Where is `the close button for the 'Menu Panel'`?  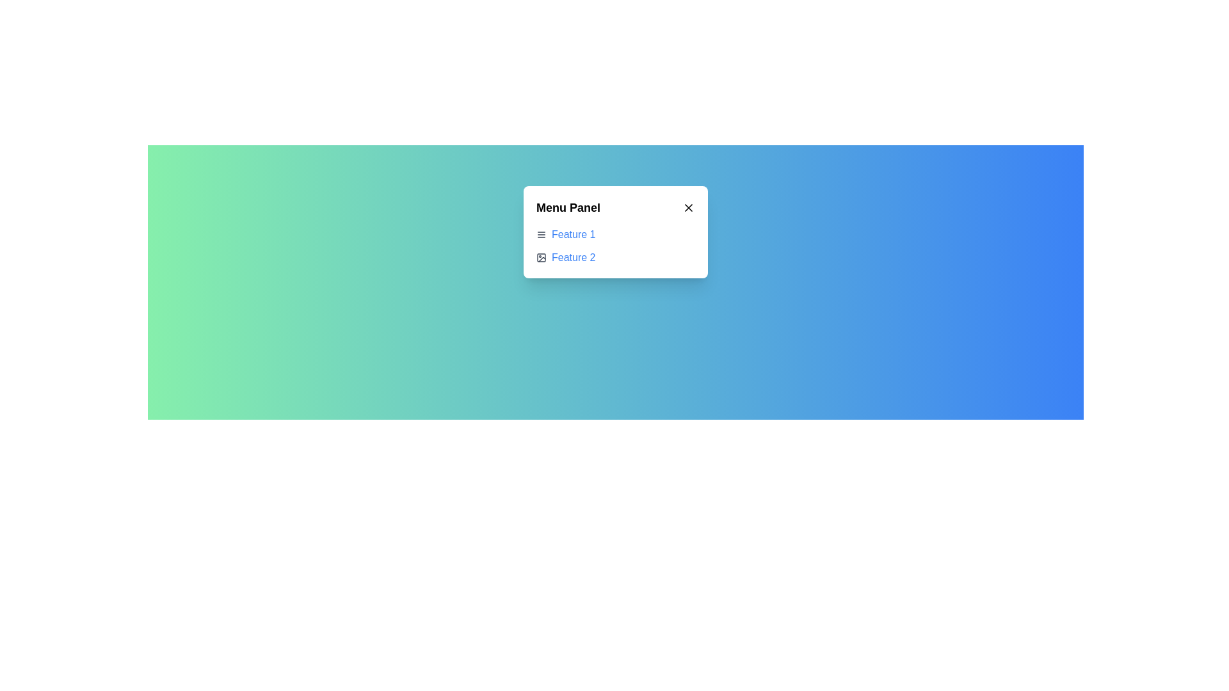 the close button for the 'Menu Panel' is located at coordinates (687, 207).